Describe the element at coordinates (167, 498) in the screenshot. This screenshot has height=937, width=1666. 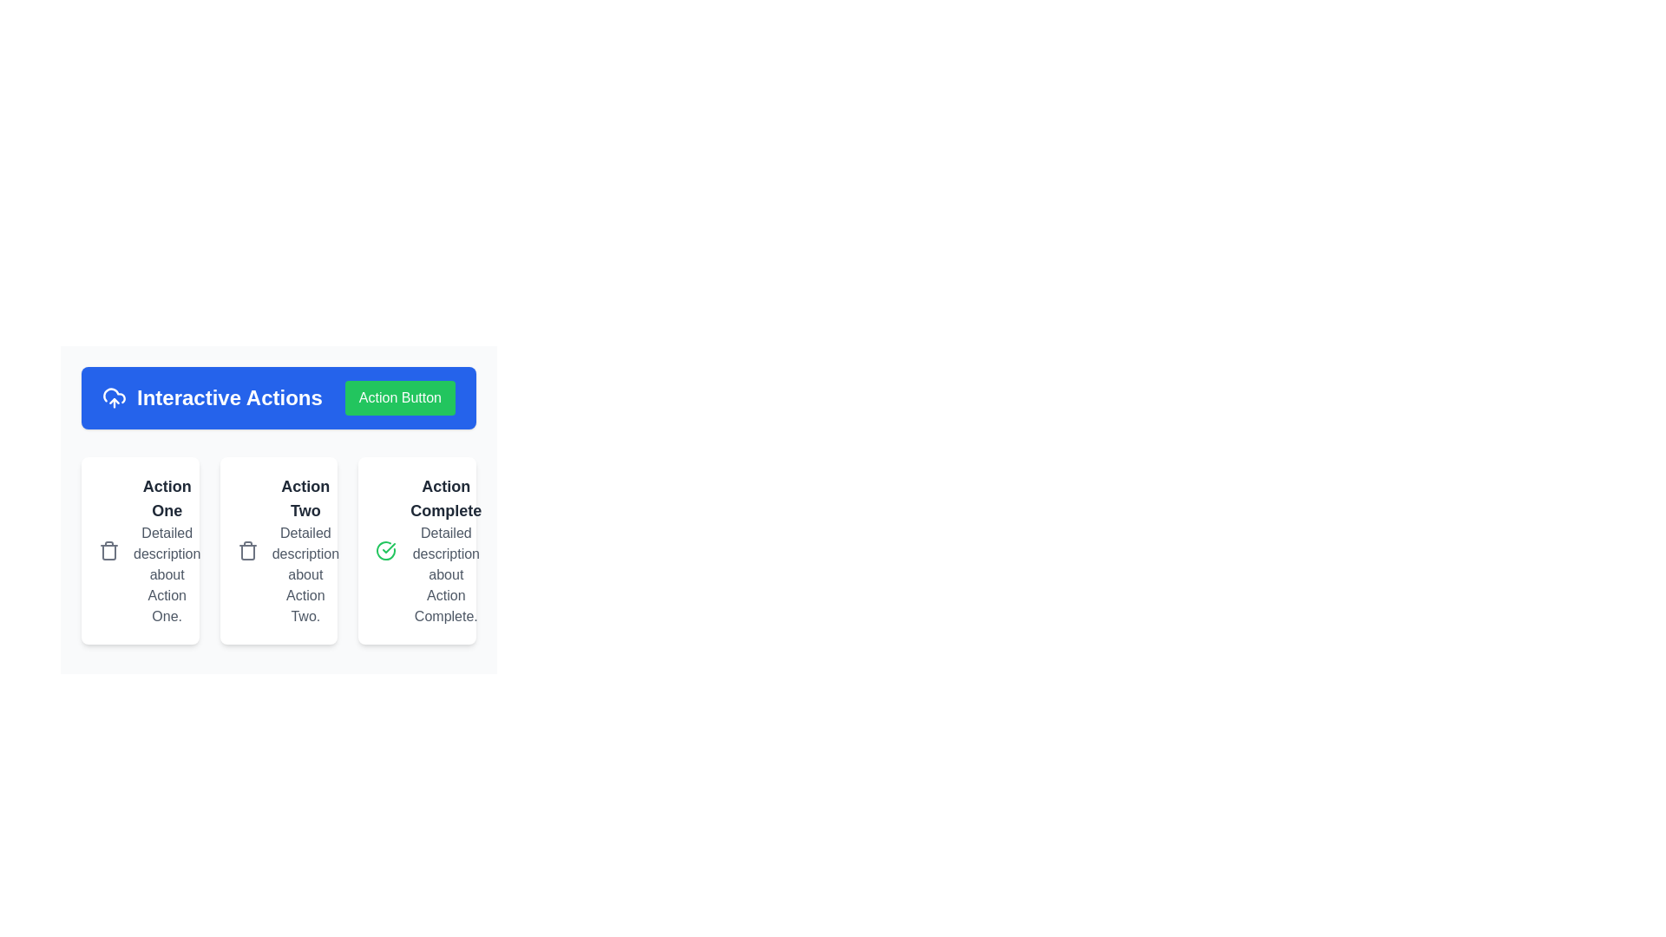
I see `the bold, large-sized text label displaying 'Action One' in dark gray, located at the top of the panel` at that location.